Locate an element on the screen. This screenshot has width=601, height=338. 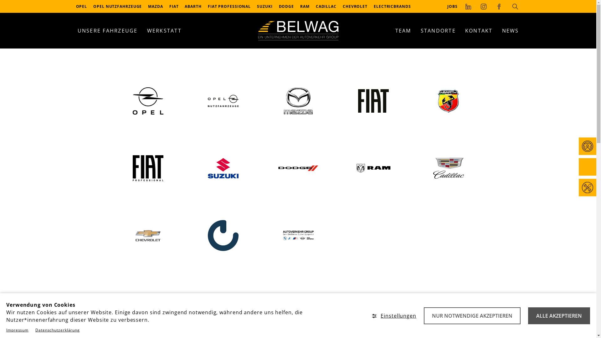
'Marke Opel Nutzfahrzeuge' is located at coordinates (223, 100).